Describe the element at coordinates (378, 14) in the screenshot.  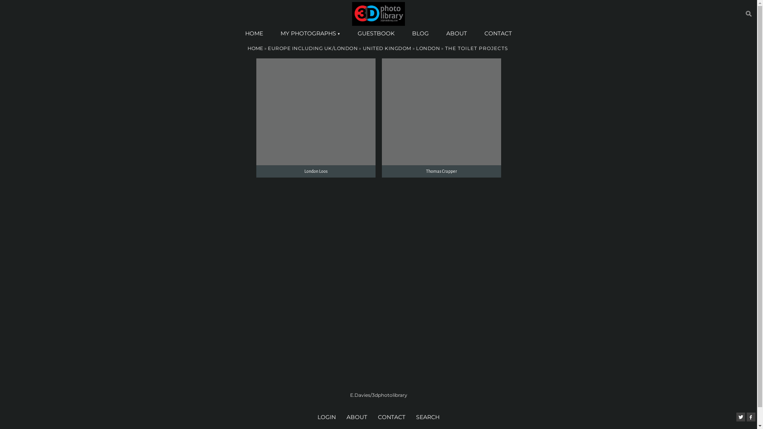
I see `'3dphotolibrary'` at that location.